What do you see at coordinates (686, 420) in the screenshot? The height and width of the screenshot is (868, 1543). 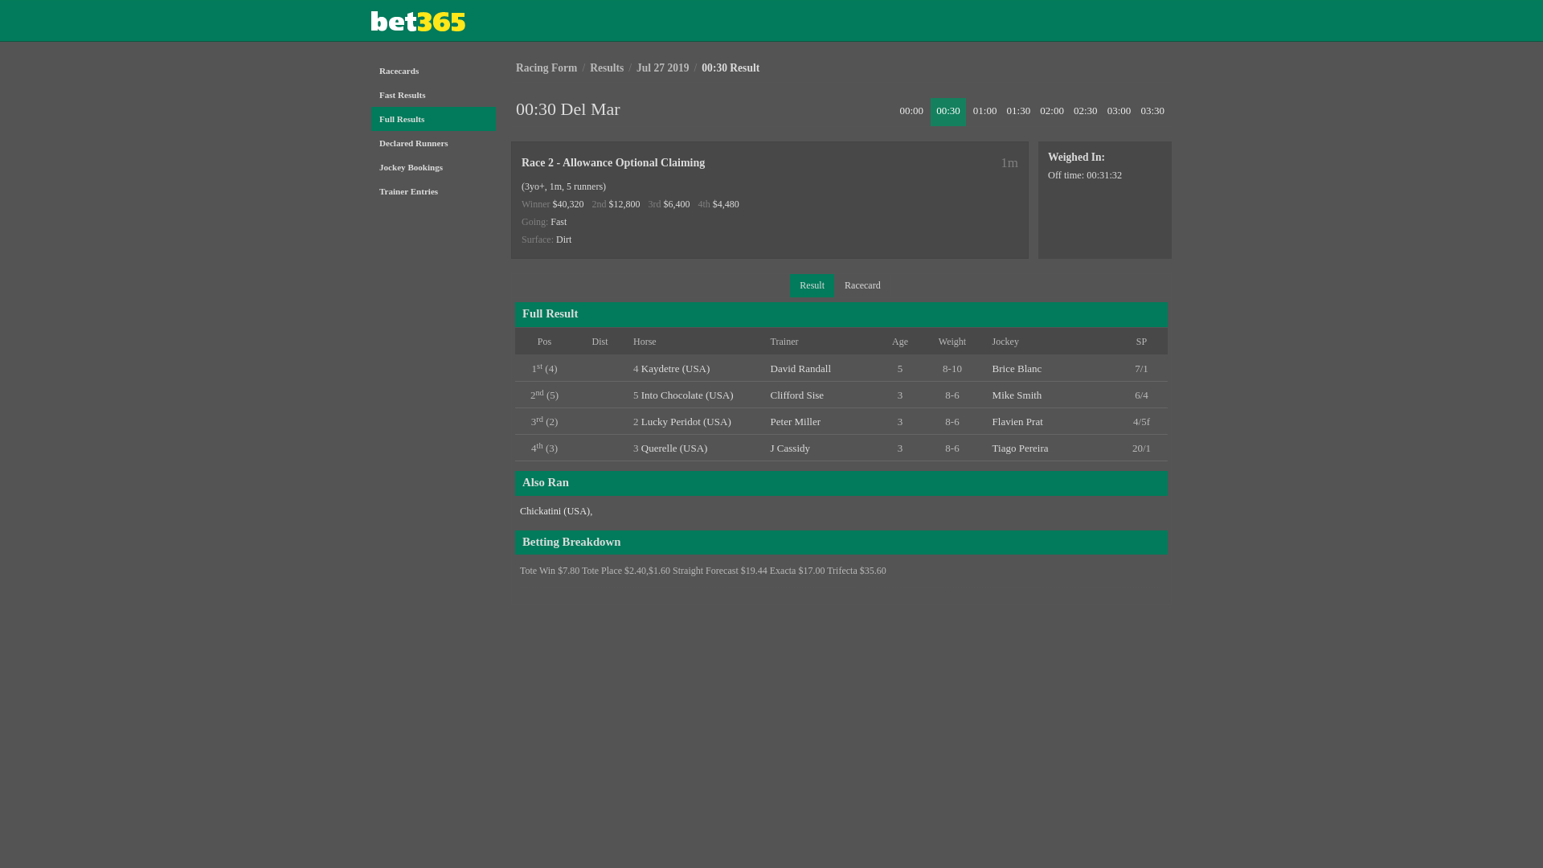 I see `'Lucky Peridot (USA)'` at bounding box center [686, 420].